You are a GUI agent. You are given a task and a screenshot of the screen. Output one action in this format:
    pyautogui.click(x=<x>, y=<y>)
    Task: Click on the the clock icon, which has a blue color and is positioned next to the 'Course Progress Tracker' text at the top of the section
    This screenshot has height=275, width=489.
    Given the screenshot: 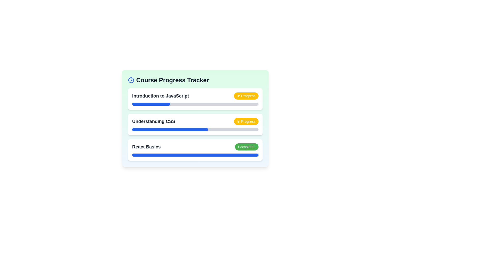 What is the action you would take?
    pyautogui.click(x=131, y=80)
    